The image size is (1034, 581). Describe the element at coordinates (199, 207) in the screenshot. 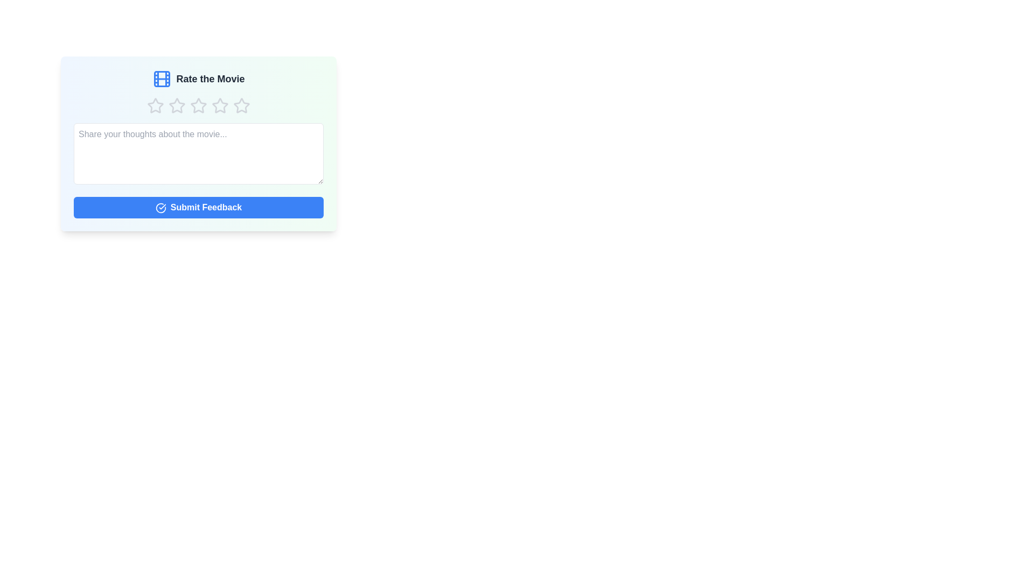

I see `'Submit Feedback' button to submit the review` at that location.